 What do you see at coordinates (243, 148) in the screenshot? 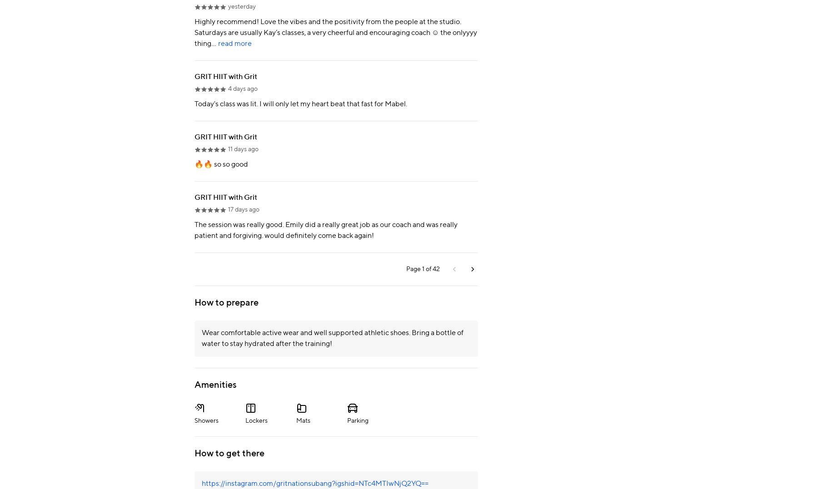
I see `'11 days ago'` at bounding box center [243, 148].